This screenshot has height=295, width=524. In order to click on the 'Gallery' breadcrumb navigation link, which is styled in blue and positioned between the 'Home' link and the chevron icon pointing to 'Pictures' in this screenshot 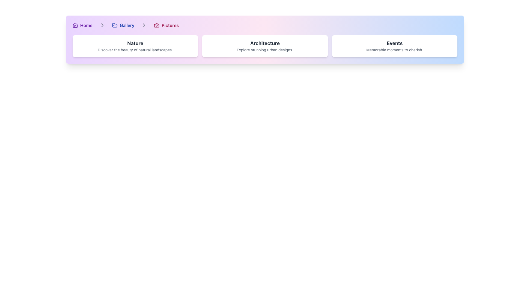, I will do `click(123, 25)`.